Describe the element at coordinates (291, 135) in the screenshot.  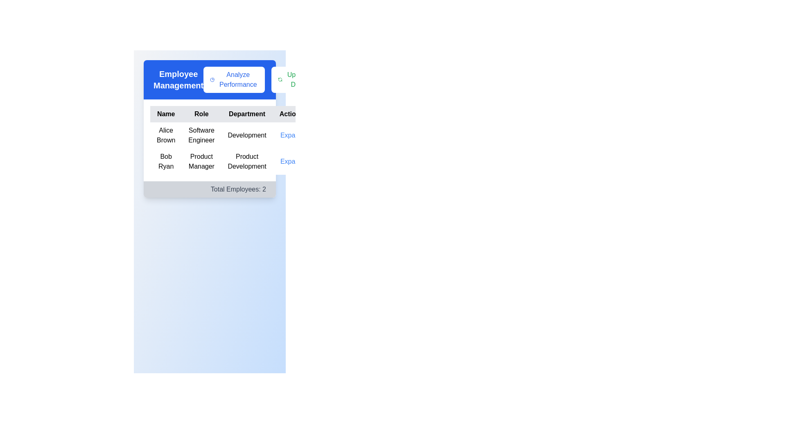
I see `the 'Expand' hyperlink styled as an action button located in the 'Action' column of the row for 'Alice Brown', 'Software Engineer', and 'Development'` at that location.